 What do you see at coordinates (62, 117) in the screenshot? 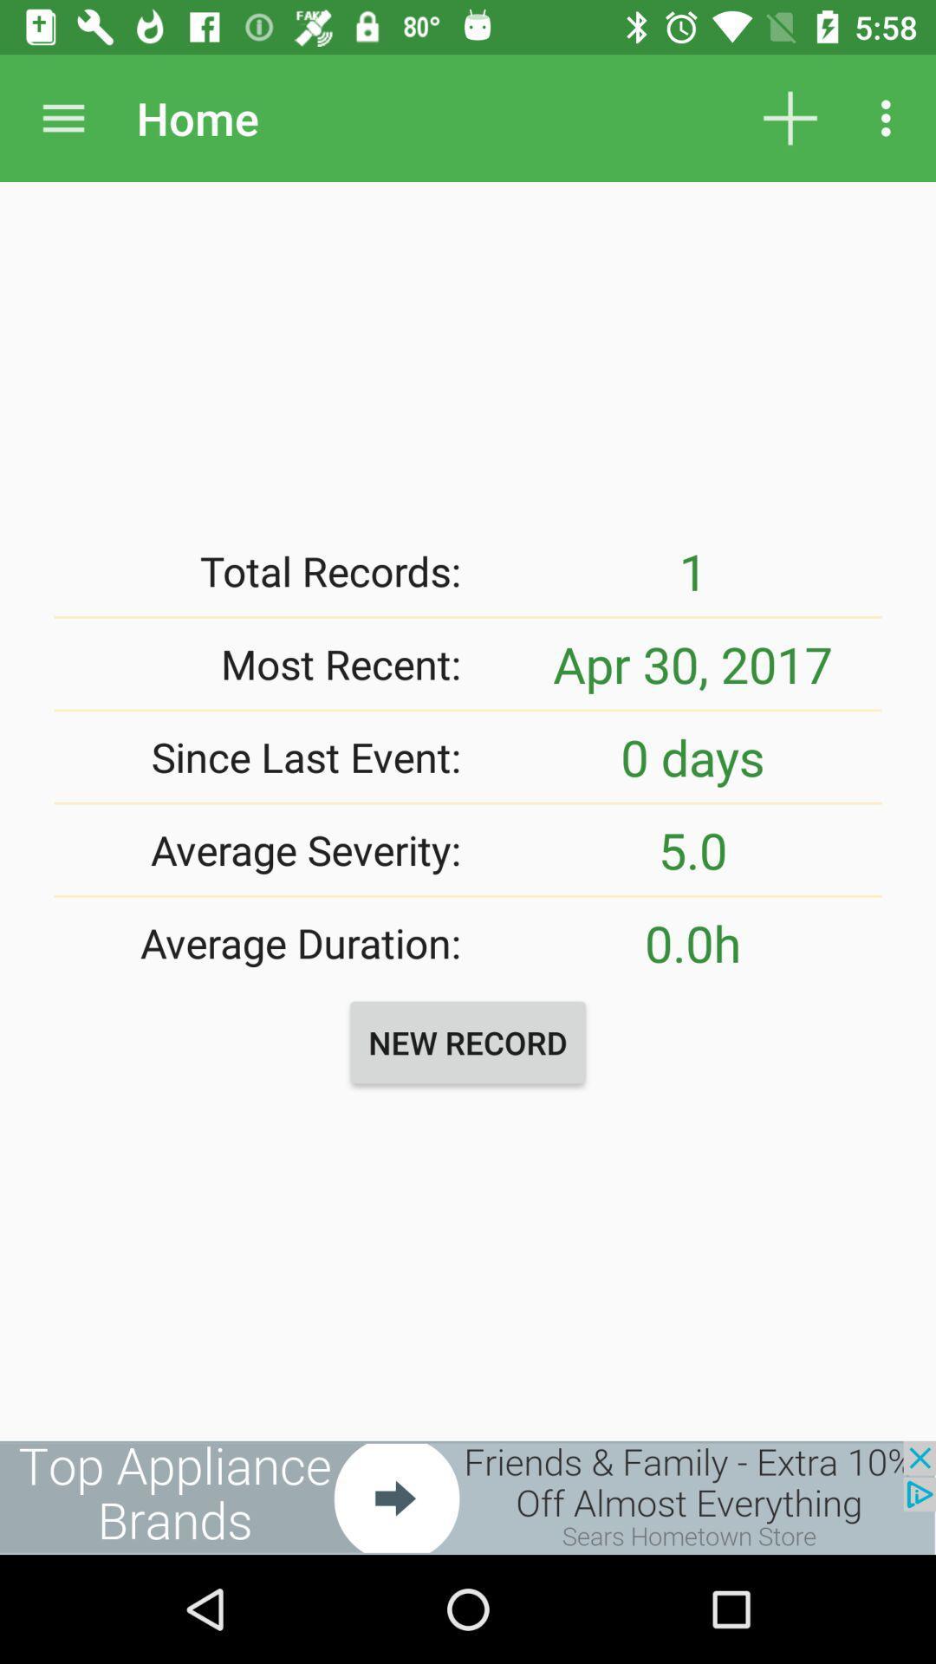
I see `drops a menu` at bounding box center [62, 117].